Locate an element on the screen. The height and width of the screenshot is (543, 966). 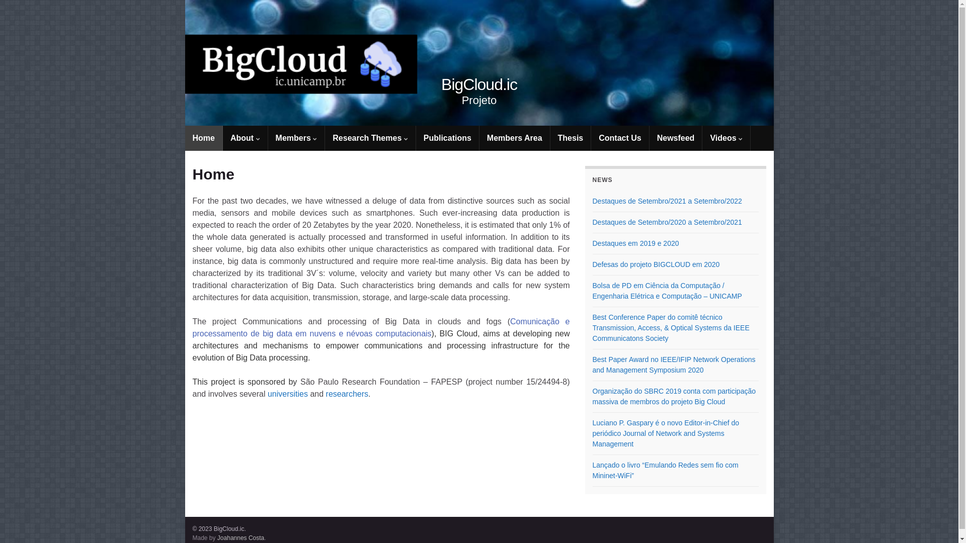
'Thesis' is located at coordinates (550, 138).